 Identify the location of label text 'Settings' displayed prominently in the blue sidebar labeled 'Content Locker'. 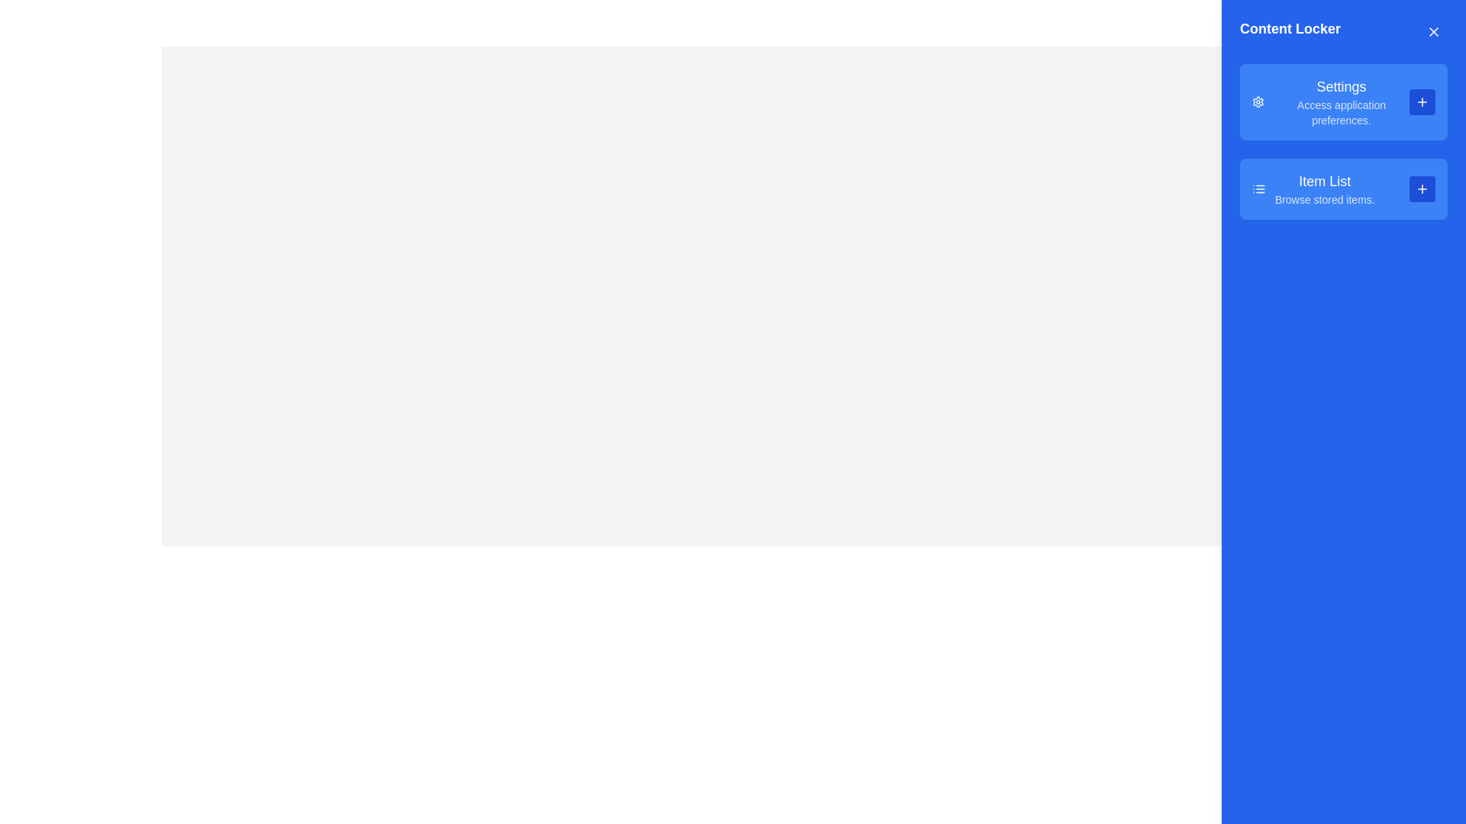
(1341, 87).